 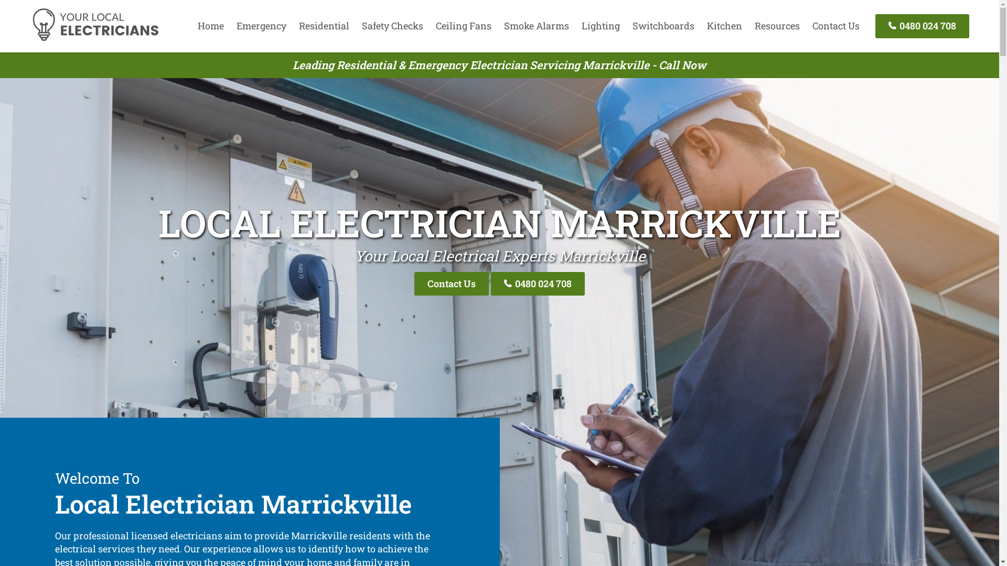 I want to click on 'Smoke Alarms', so click(x=536, y=25).